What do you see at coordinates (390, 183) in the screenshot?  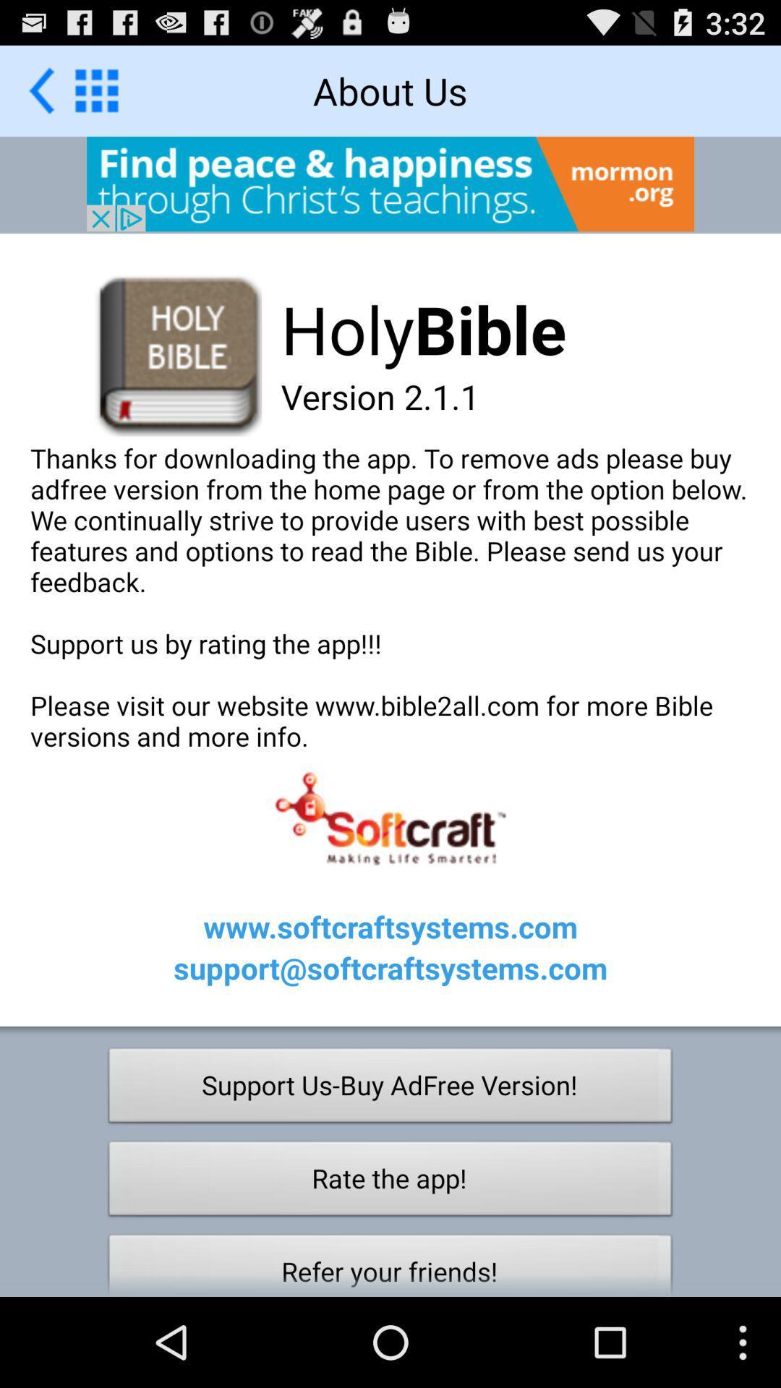 I see `open mormon.org advertisement website` at bounding box center [390, 183].